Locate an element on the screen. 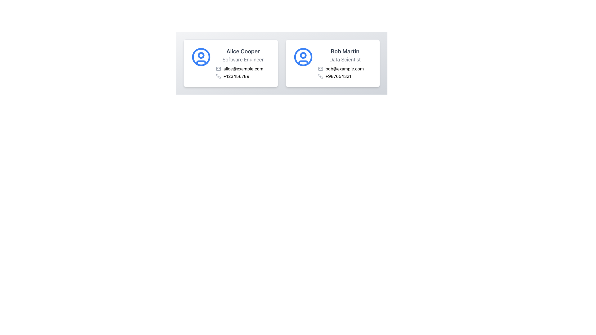 This screenshot has width=596, height=335. the label that describes the job role associated with 'Alice Cooper', located in the left profile card, directly below the name is located at coordinates (243, 60).